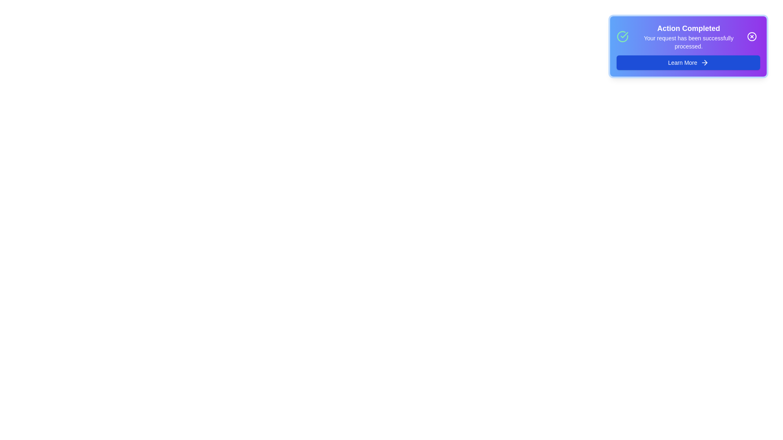 Image resolution: width=783 pixels, height=440 pixels. What do you see at coordinates (751, 36) in the screenshot?
I see `the close button to dismiss the notification` at bounding box center [751, 36].